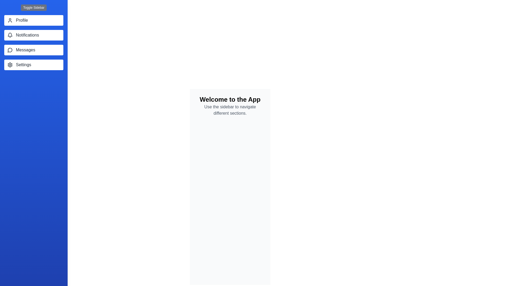 This screenshot has width=509, height=286. Describe the element at coordinates (230, 99) in the screenshot. I see `the welcome message displayed in the main content area` at that location.